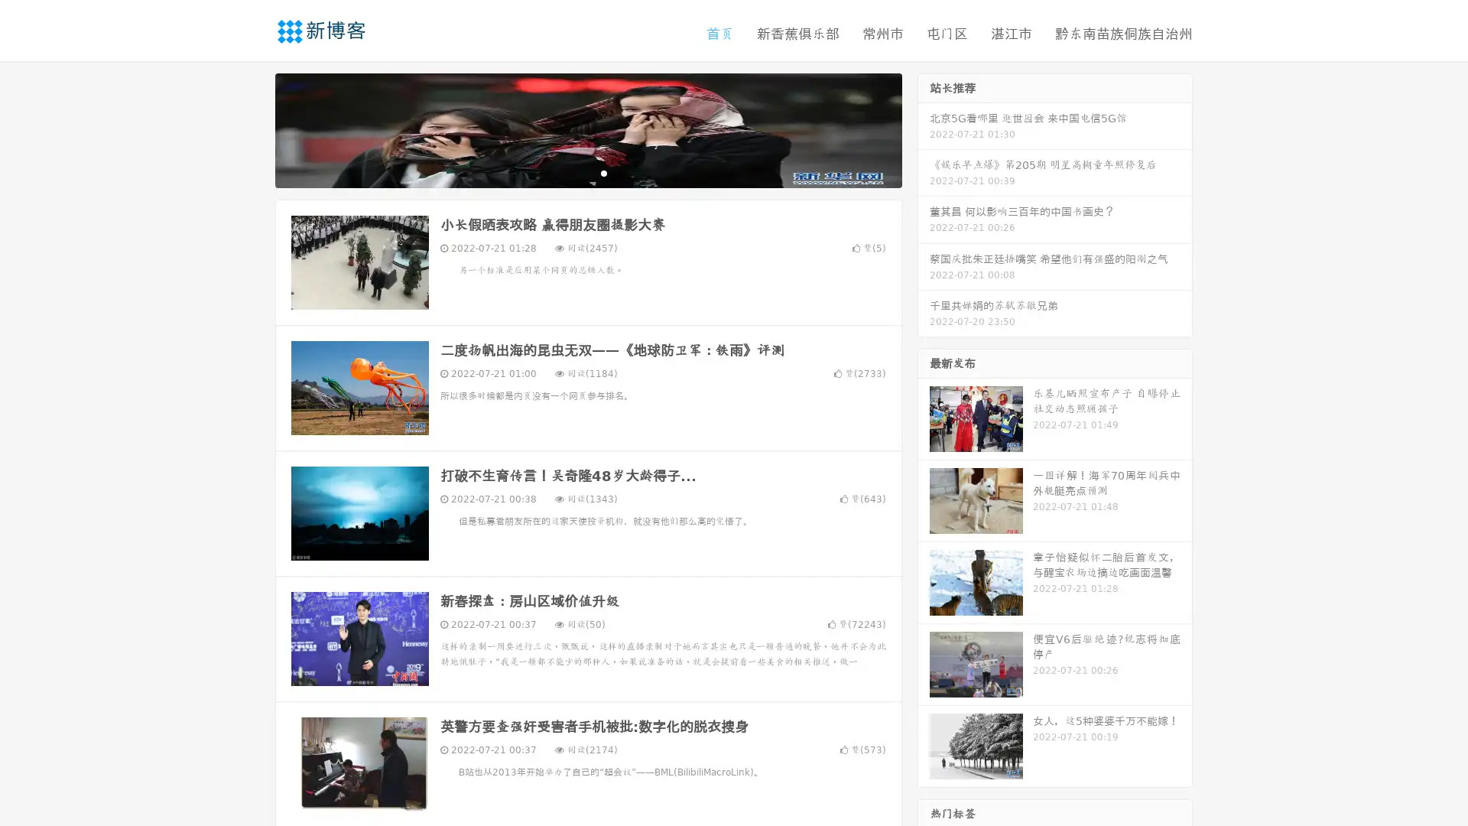 The image size is (1468, 826). What do you see at coordinates (572, 172) in the screenshot?
I see `Go to slide 1` at bounding box center [572, 172].